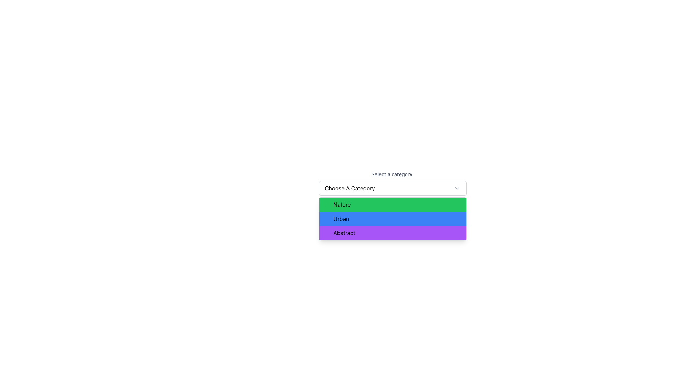 The width and height of the screenshot is (682, 383). Describe the element at coordinates (392, 233) in the screenshot. I see `the selectable list item labeled 'Abstract' which is the third option in the options menu` at that location.